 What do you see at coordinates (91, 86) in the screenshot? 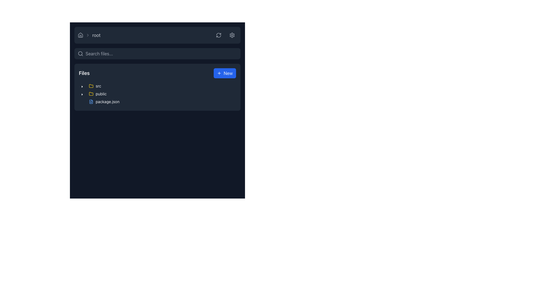
I see `the triangle icon of the 'src' folder in the file explorer` at bounding box center [91, 86].